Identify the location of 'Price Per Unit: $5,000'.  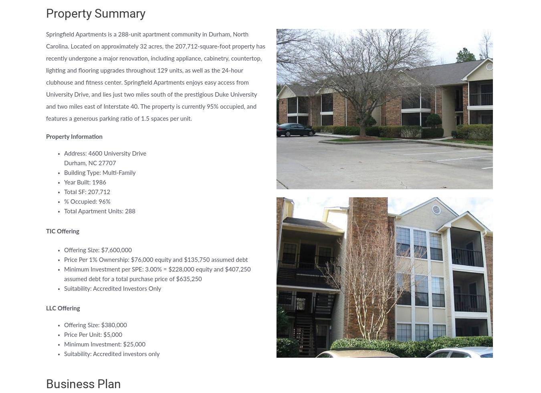
(93, 335).